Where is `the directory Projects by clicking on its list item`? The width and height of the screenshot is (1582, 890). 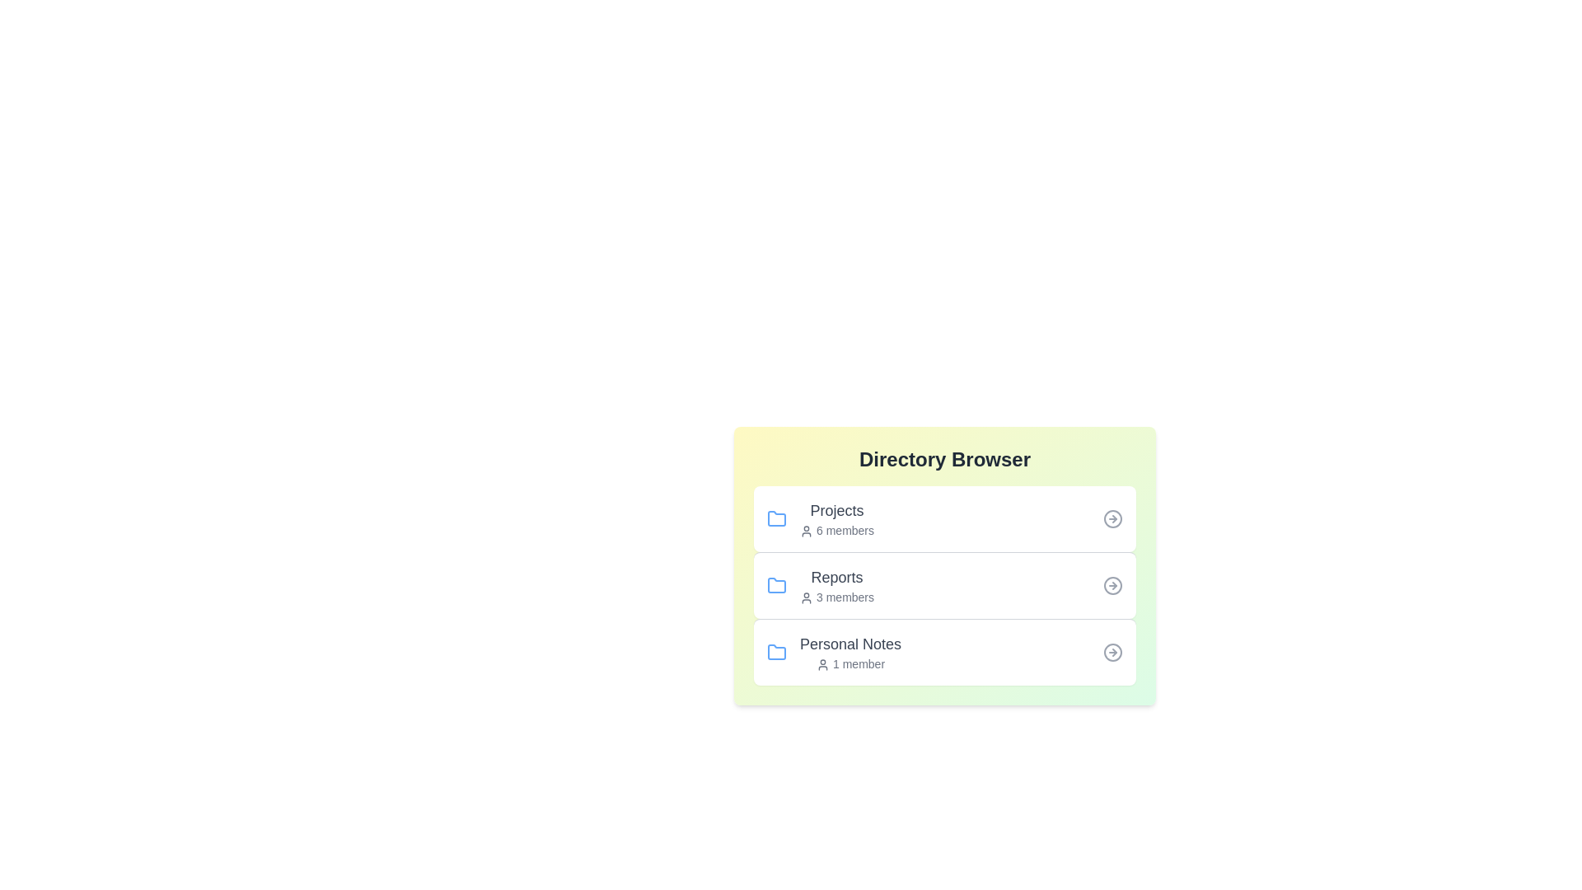 the directory Projects by clicking on its list item is located at coordinates (945, 518).